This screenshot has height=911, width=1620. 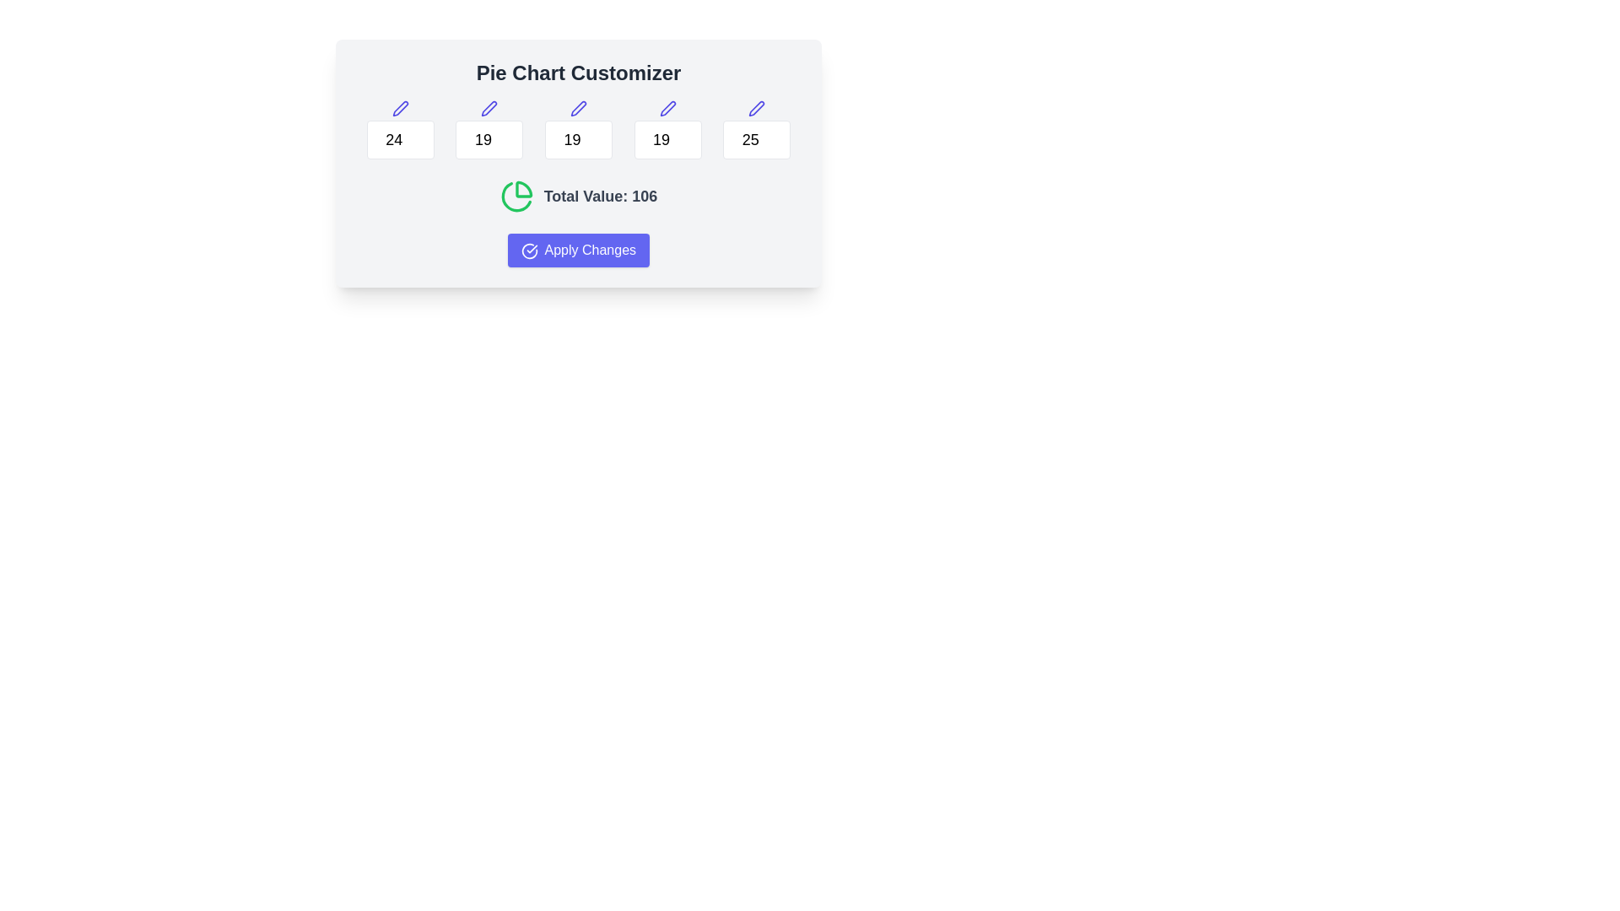 What do you see at coordinates (529, 251) in the screenshot?
I see `the checkmark icon inside a circle, which serves as a confirmation indicator next to the 'Apply Changes' button` at bounding box center [529, 251].